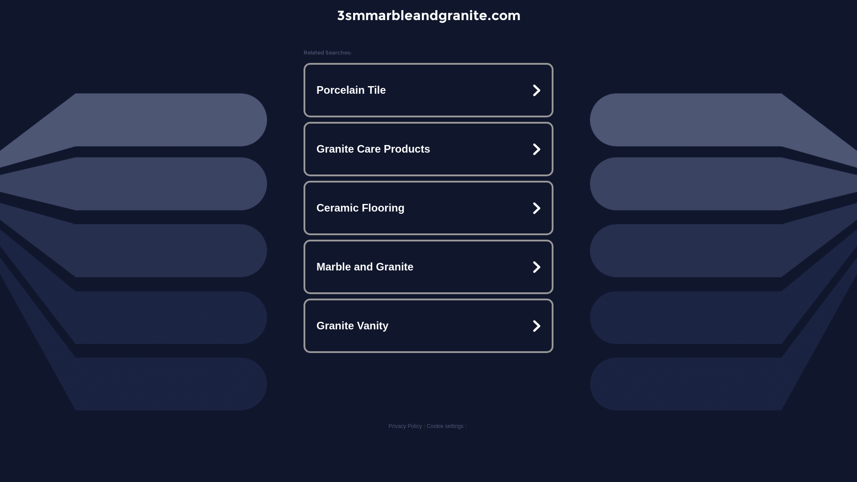 The height and width of the screenshot is (482, 857). What do you see at coordinates (428, 15) in the screenshot?
I see `'3smmarbleandgranite.com'` at bounding box center [428, 15].